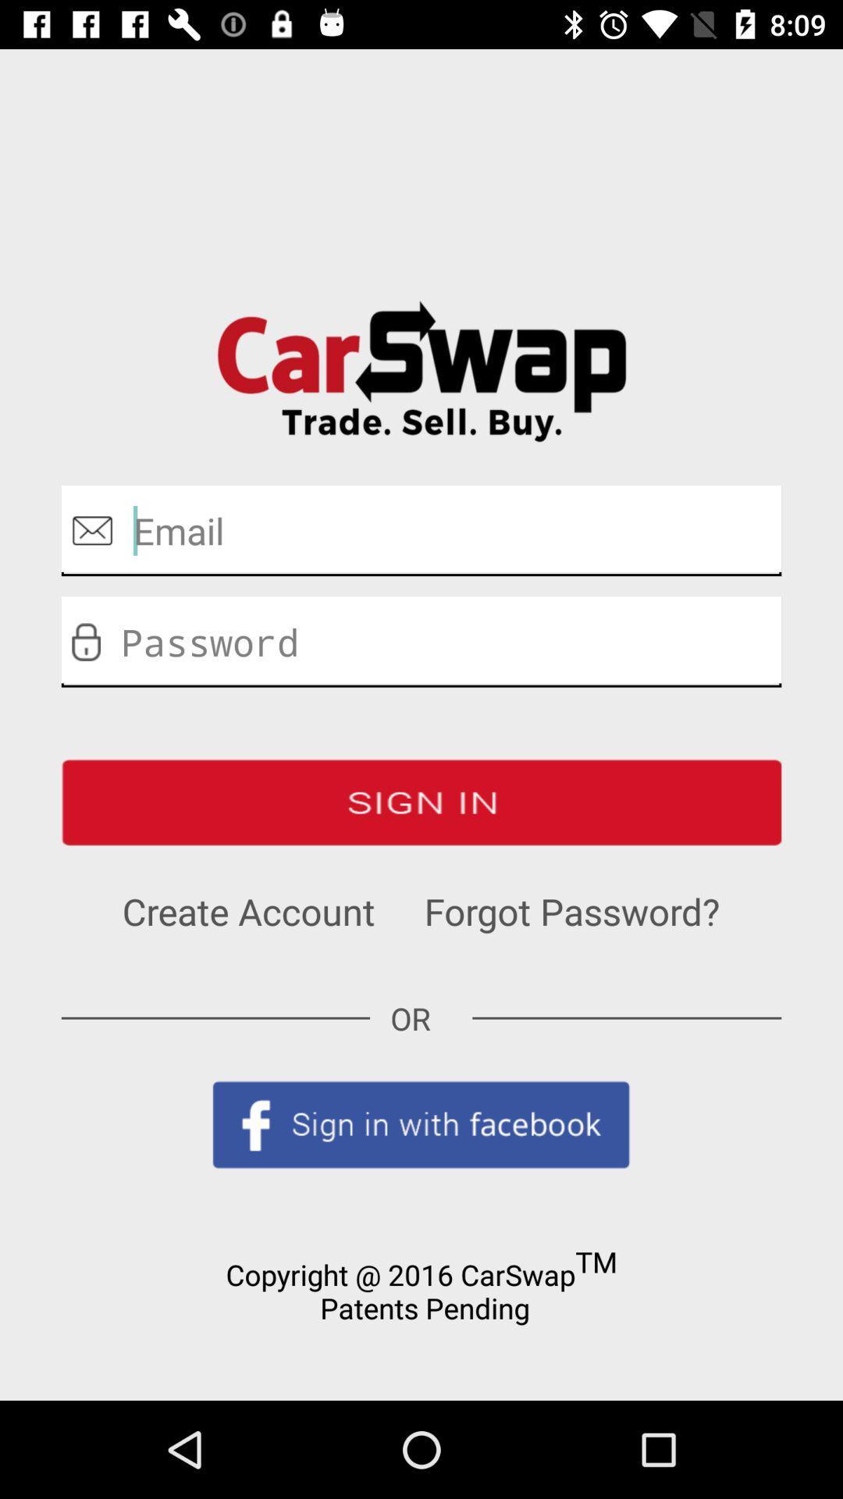 The height and width of the screenshot is (1499, 843). I want to click on opens a field to type a password, so click(421, 642).